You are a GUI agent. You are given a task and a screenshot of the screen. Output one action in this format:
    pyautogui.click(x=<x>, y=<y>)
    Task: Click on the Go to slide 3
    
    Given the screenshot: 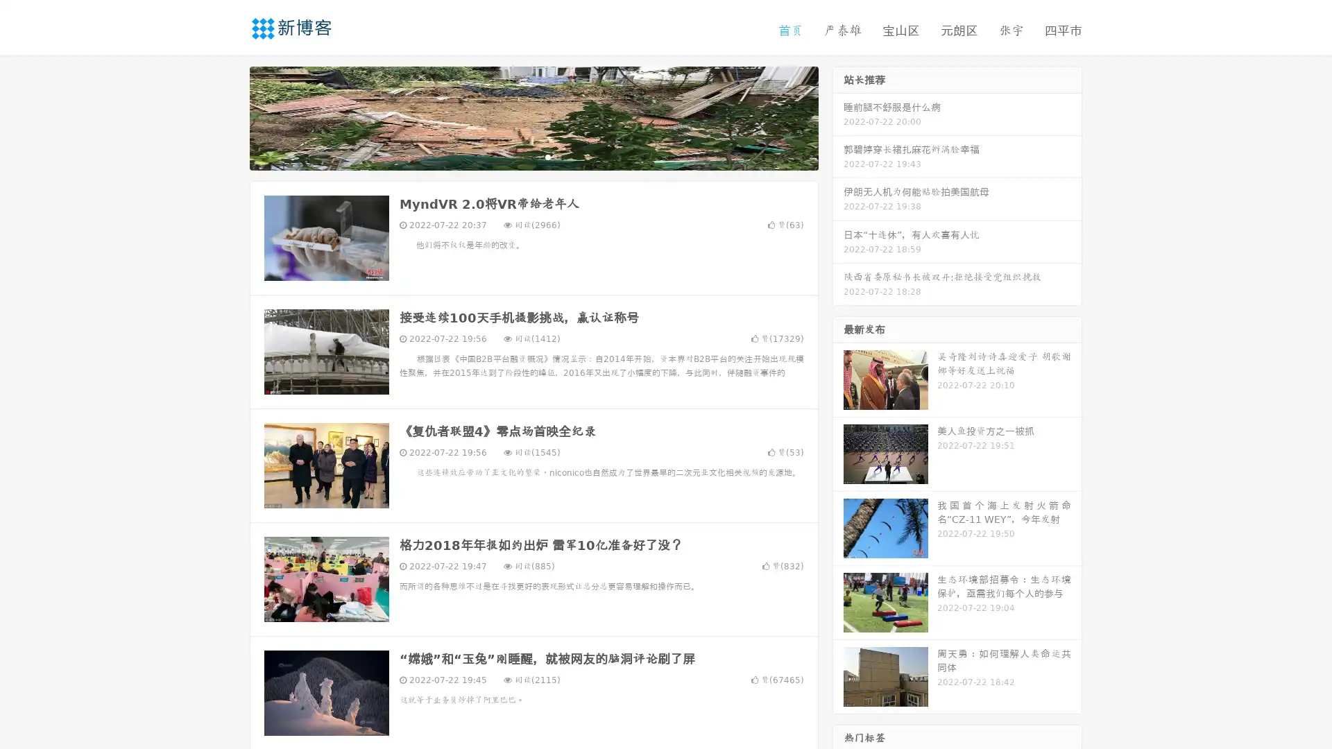 What is the action you would take?
    pyautogui.click(x=547, y=156)
    